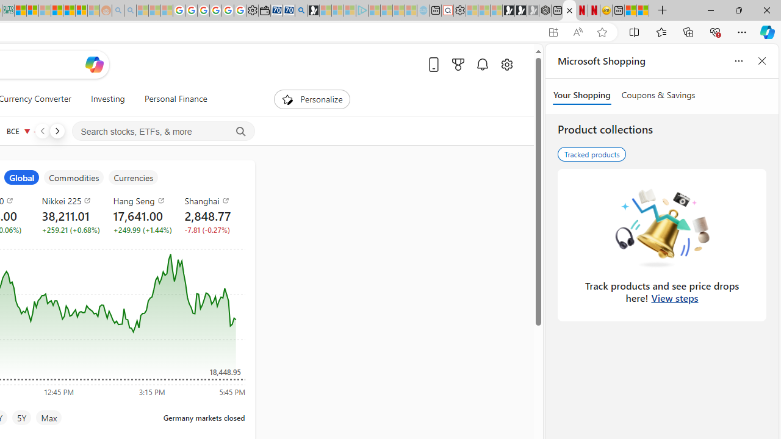 This screenshot has height=439, width=781. I want to click on 'Bing Real Estate - Home sales and rental listings', so click(301, 10).